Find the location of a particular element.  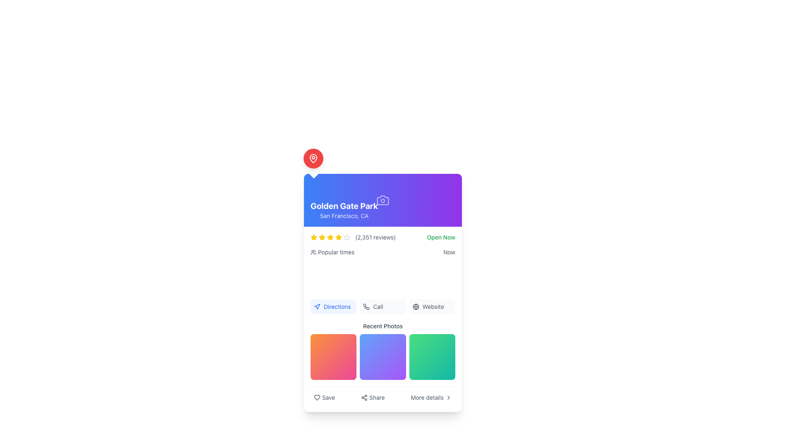

the fifth star in the rating system, which is unfilled and indicates an unrated portion, located above the text '(2,351 reviews)' is located at coordinates (347, 237).